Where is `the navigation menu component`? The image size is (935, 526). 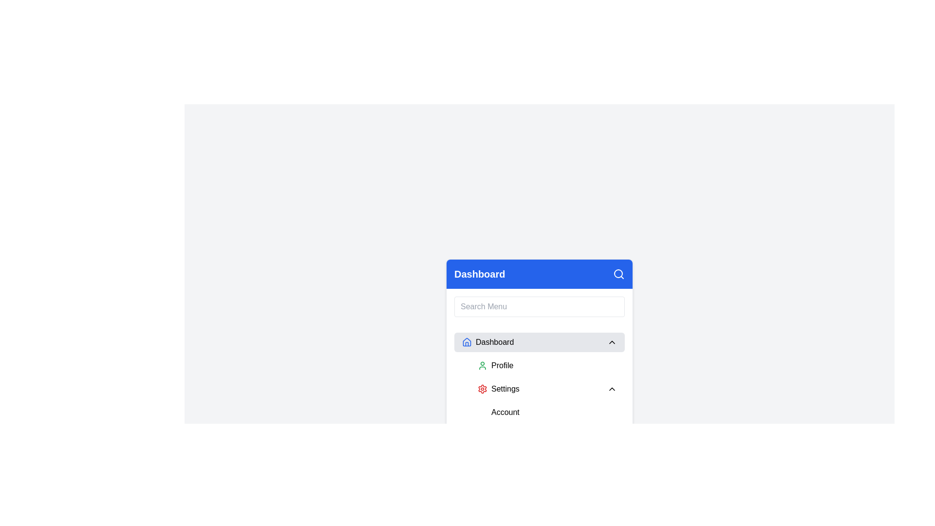
the navigation menu component is located at coordinates (539, 367).